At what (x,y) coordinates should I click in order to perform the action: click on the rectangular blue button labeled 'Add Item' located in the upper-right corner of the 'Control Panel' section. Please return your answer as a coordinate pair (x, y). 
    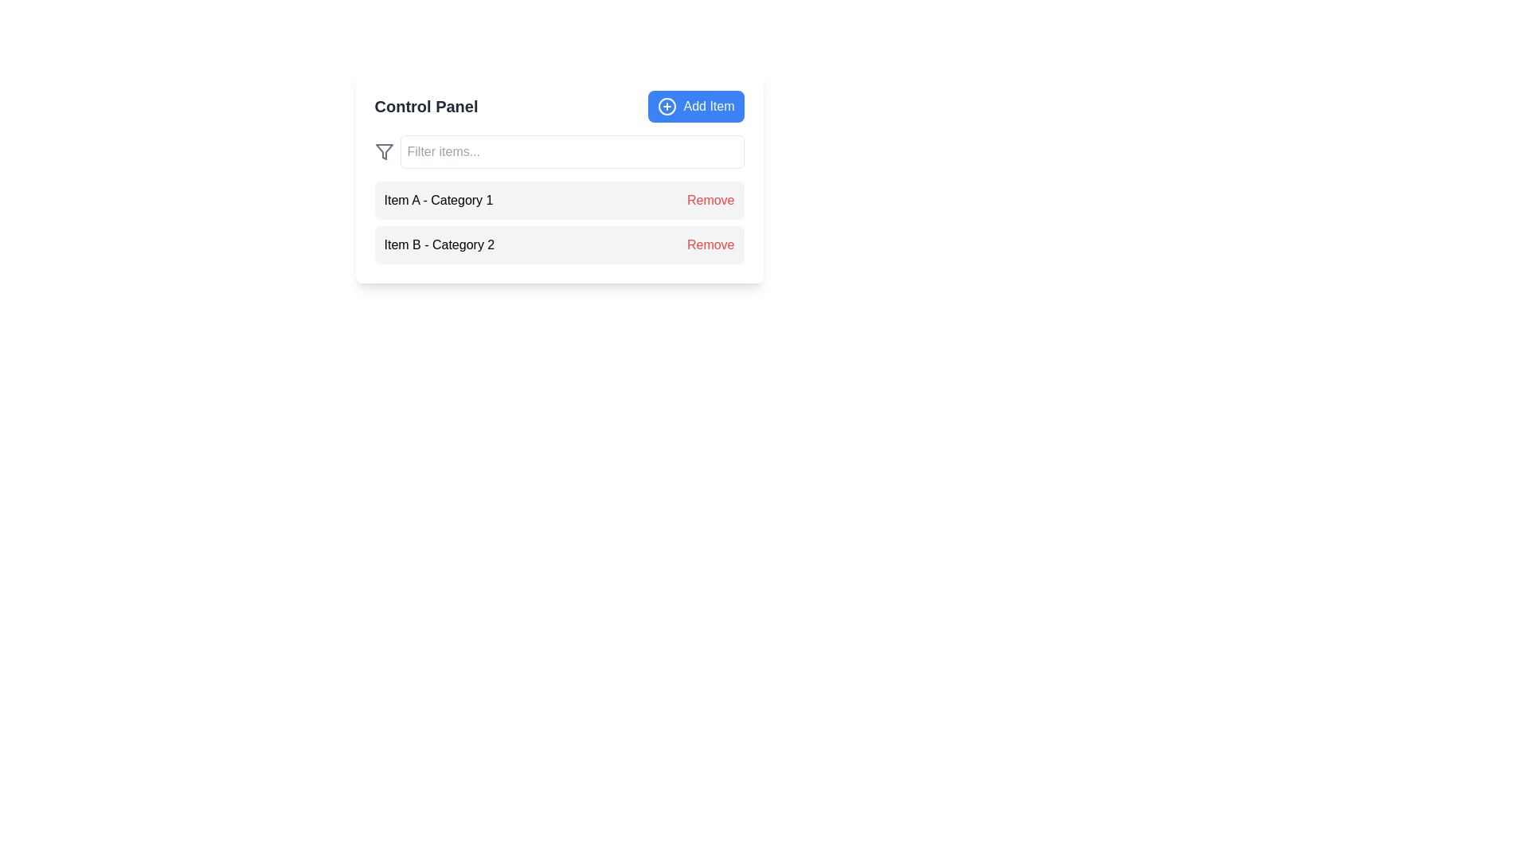
    Looking at the image, I should click on (696, 107).